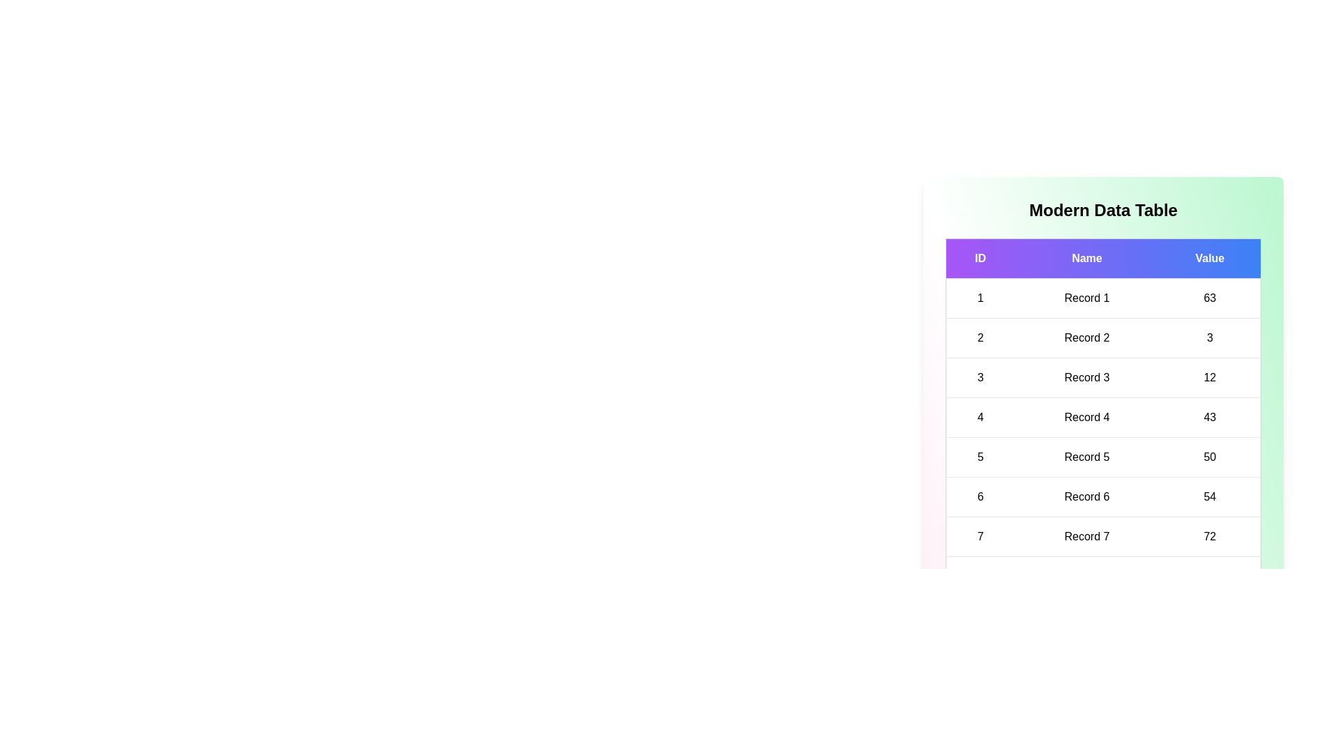 This screenshot has height=753, width=1338. Describe the element at coordinates (1086, 258) in the screenshot. I see `the Name header to sort the table by that column` at that location.